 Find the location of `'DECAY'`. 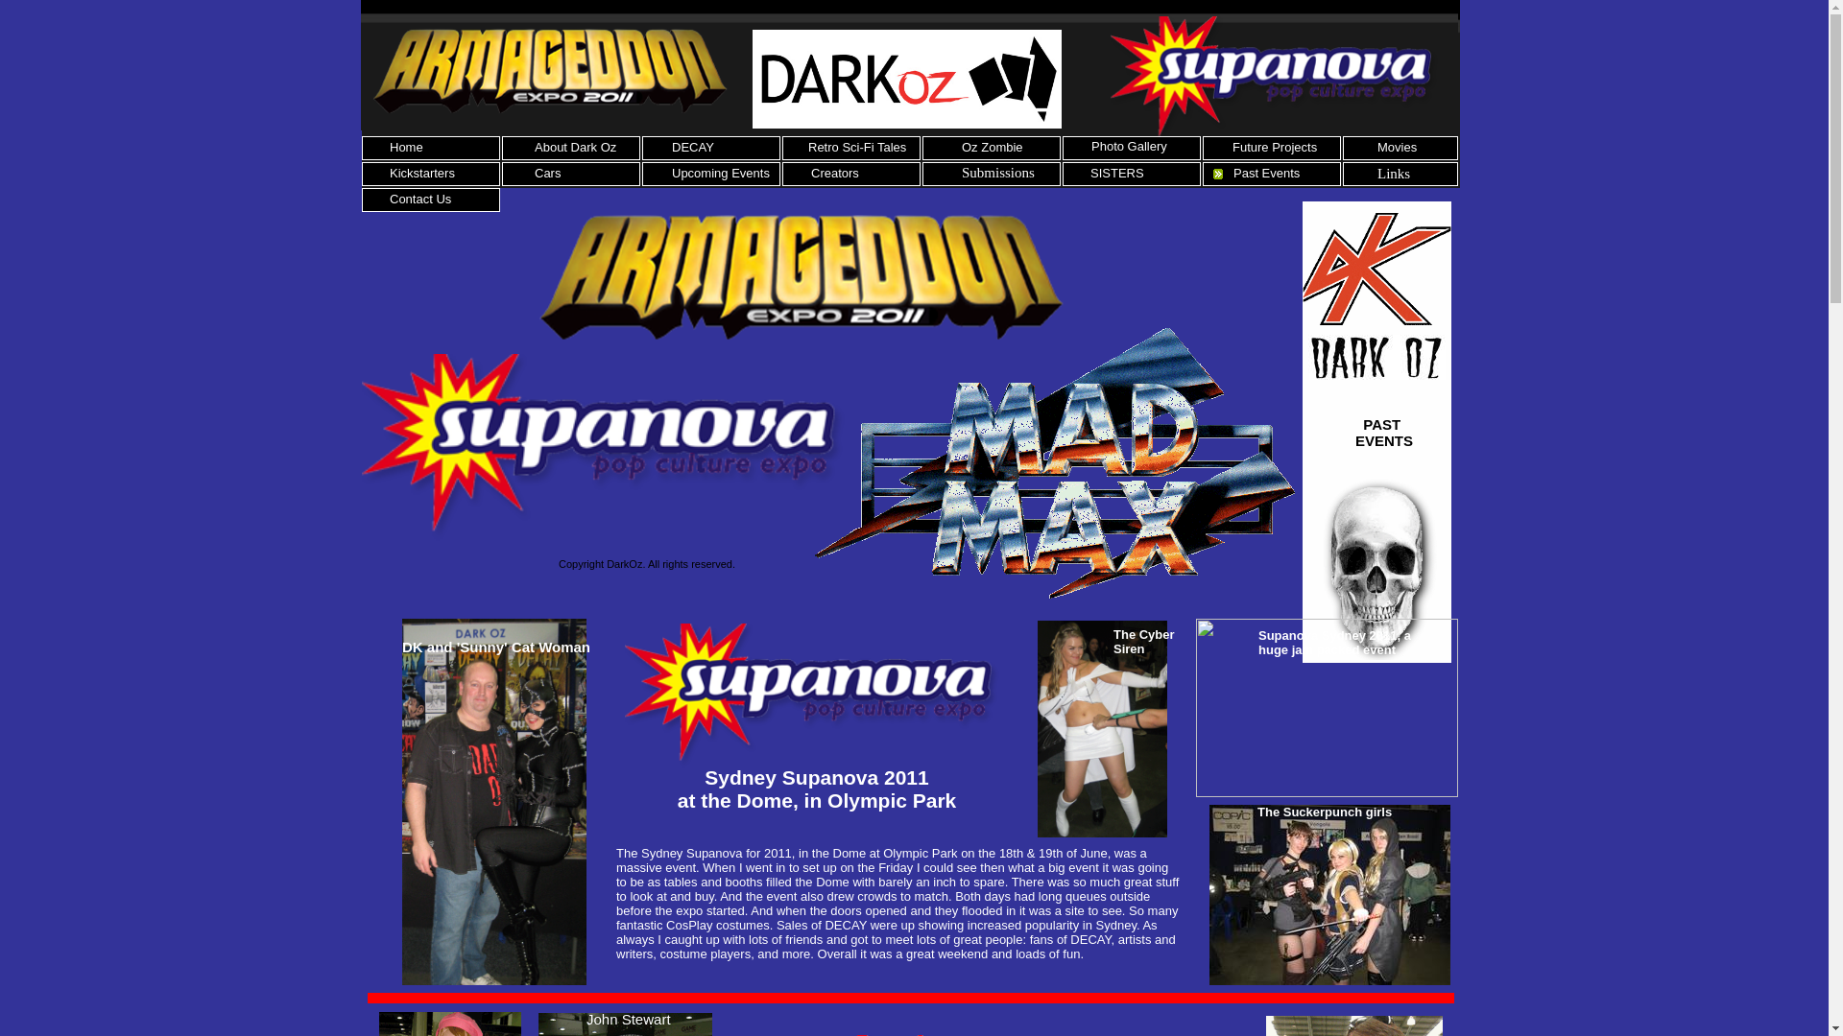

'DECAY' is located at coordinates (691, 146).